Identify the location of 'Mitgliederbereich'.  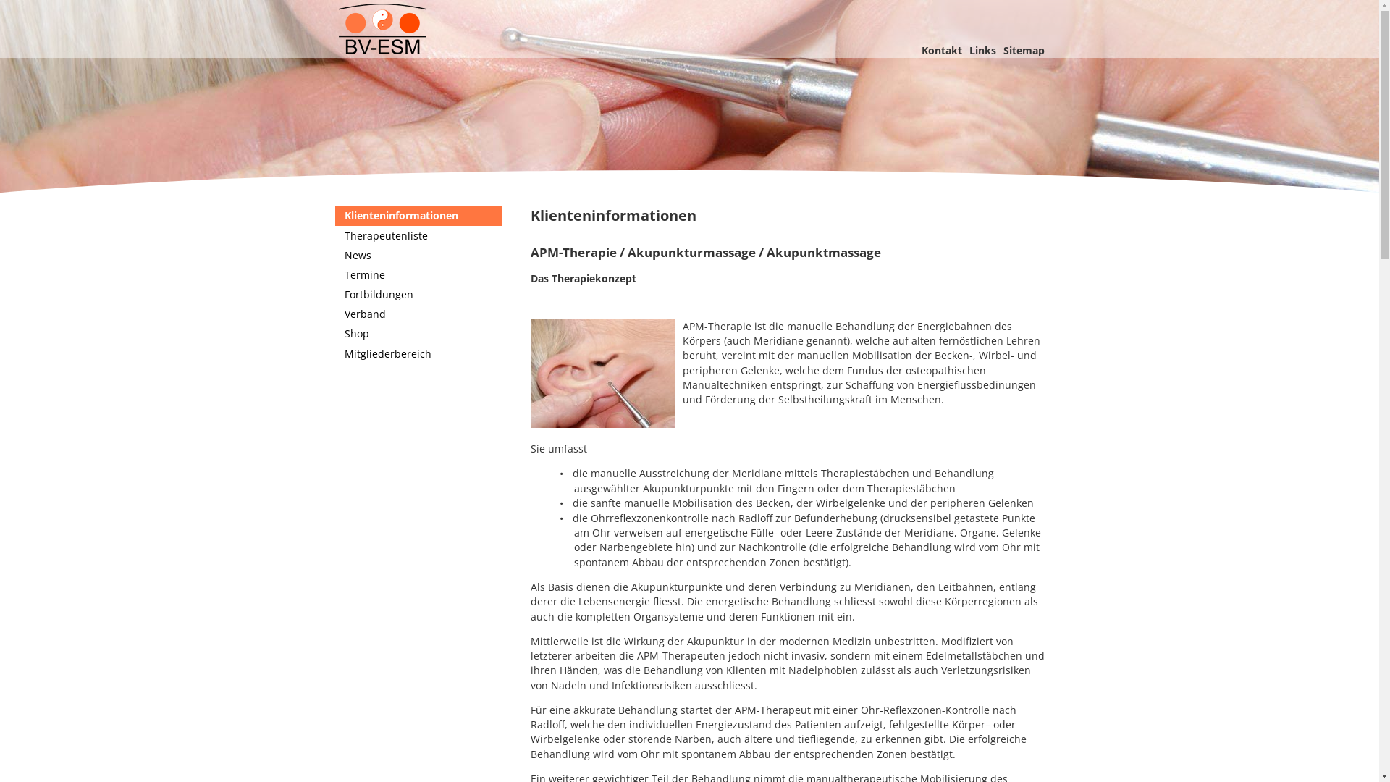
(416, 353).